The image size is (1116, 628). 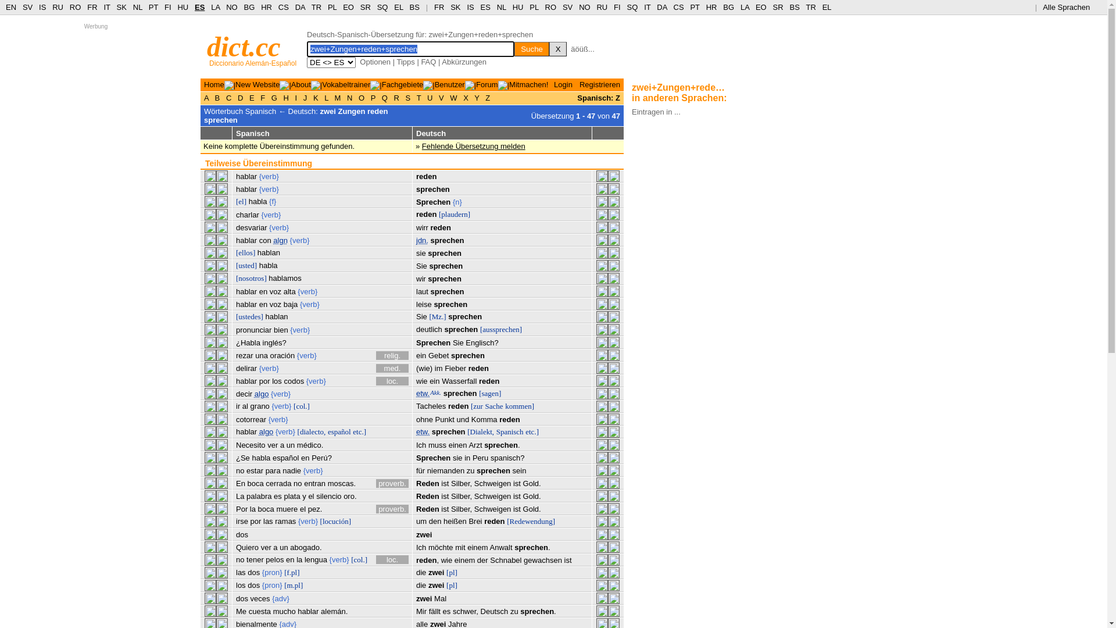 What do you see at coordinates (269, 291) in the screenshot?
I see `'voz'` at bounding box center [269, 291].